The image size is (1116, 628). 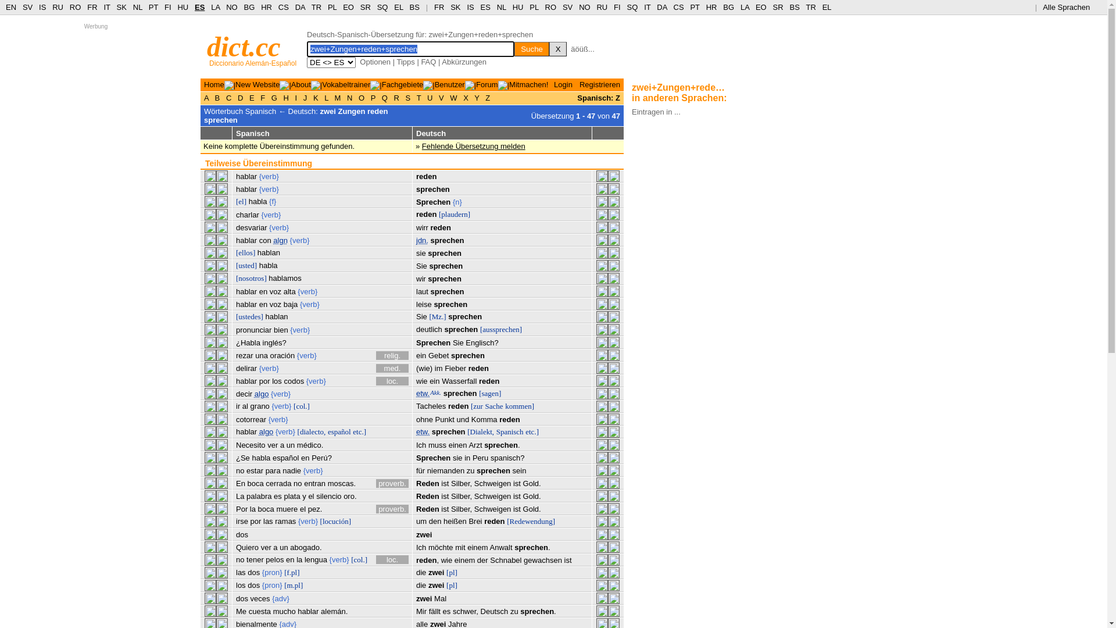 What do you see at coordinates (269, 291) in the screenshot?
I see `'voz'` at bounding box center [269, 291].